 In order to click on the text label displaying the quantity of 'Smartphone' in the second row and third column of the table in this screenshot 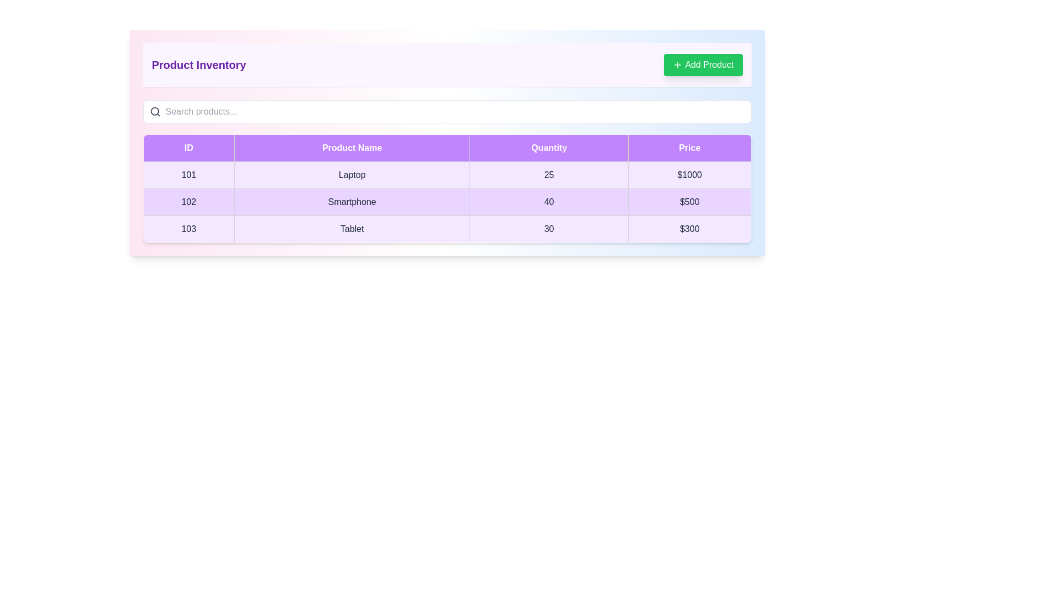, I will do `click(549, 202)`.